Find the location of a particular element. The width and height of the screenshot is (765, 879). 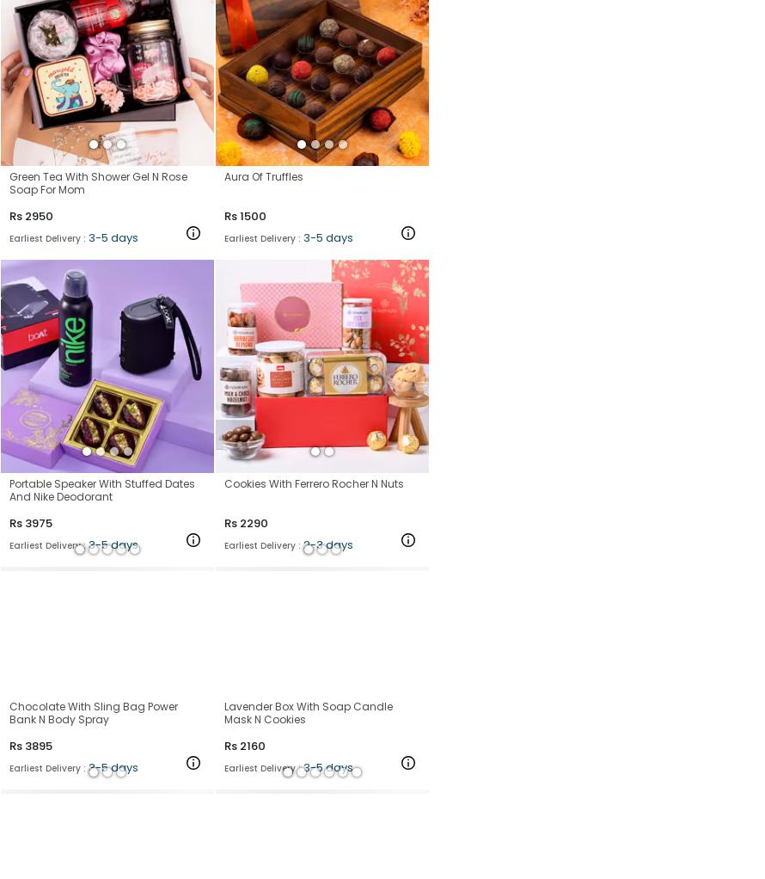

'Aura Of Truffles' is located at coordinates (263, 175).